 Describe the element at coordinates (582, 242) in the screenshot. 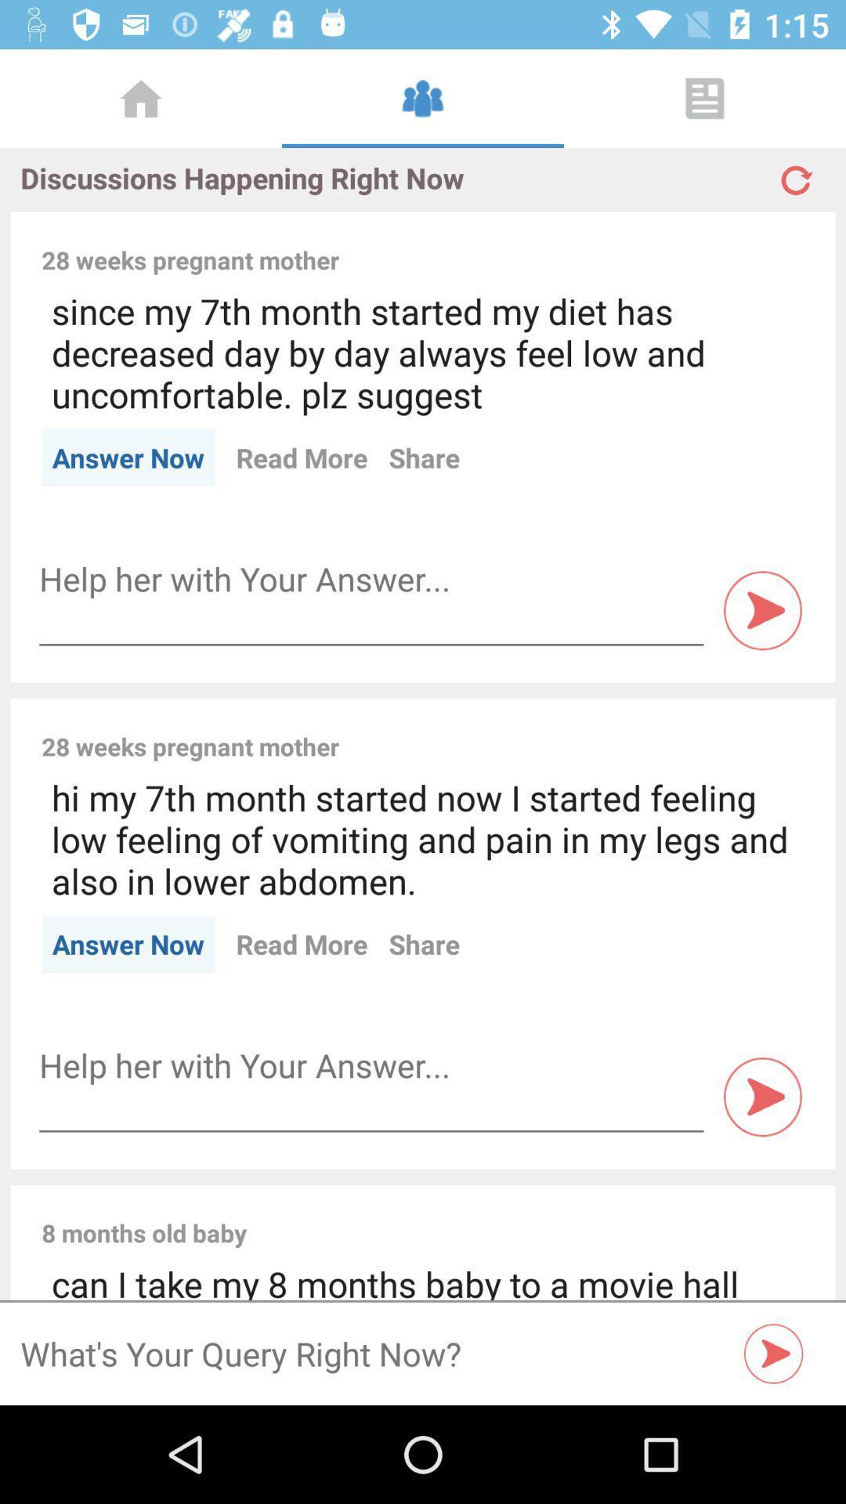

I see `the item above since my 7th` at that location.